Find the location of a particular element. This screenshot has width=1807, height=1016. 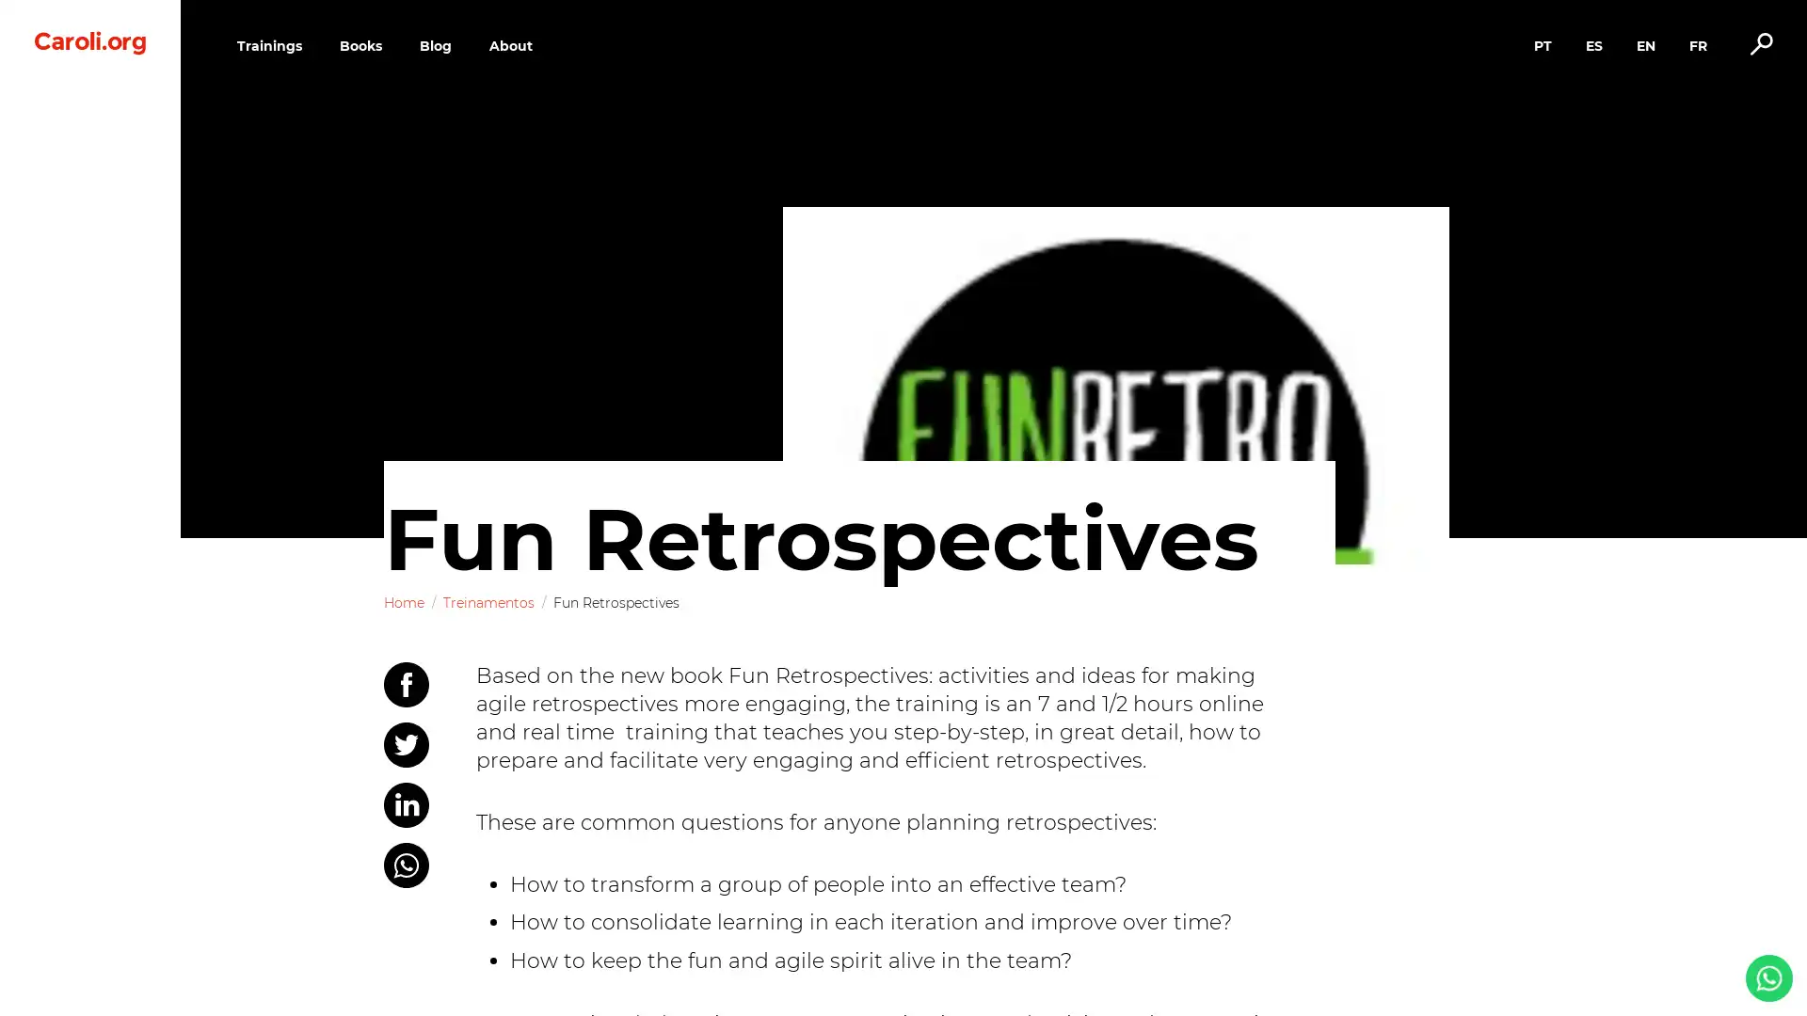

Alternar busca is located at coordinates (1757, 42).